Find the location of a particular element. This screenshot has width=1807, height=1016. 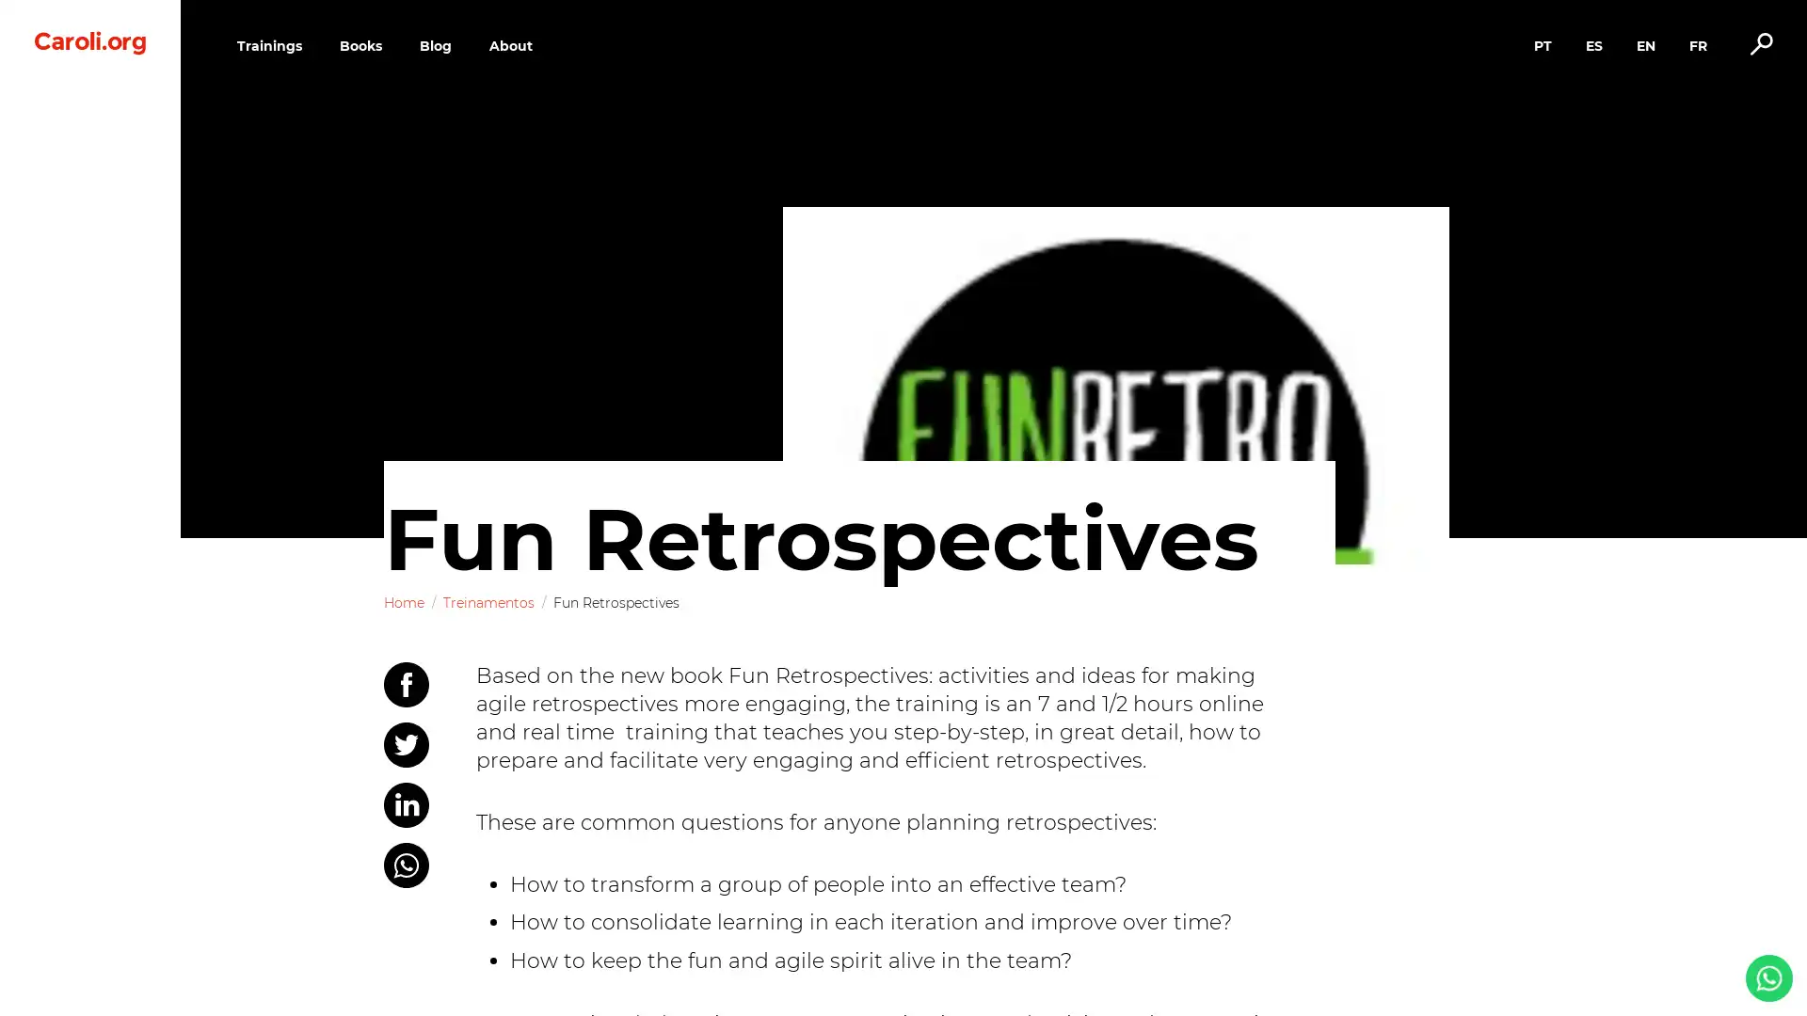

Alternar busca is located at coordinates (1757, 42).